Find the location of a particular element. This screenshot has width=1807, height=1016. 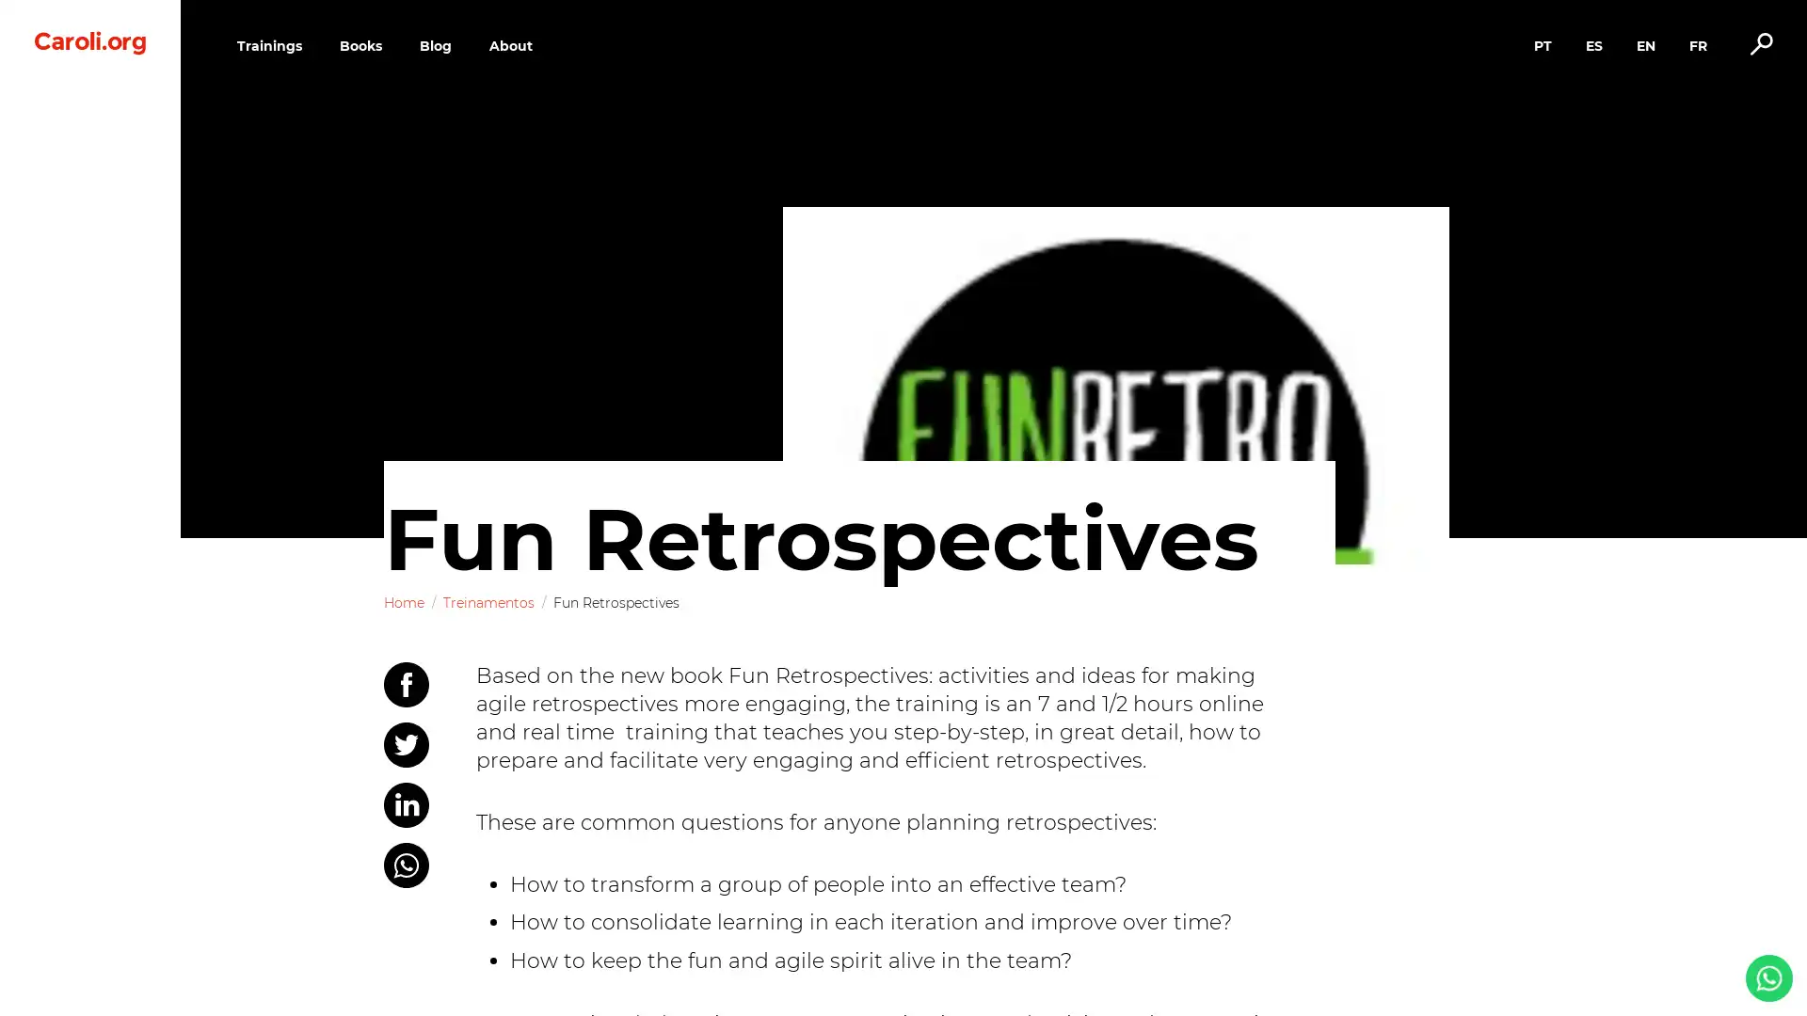

Alternar busca is located at coordinates (1757, 42).